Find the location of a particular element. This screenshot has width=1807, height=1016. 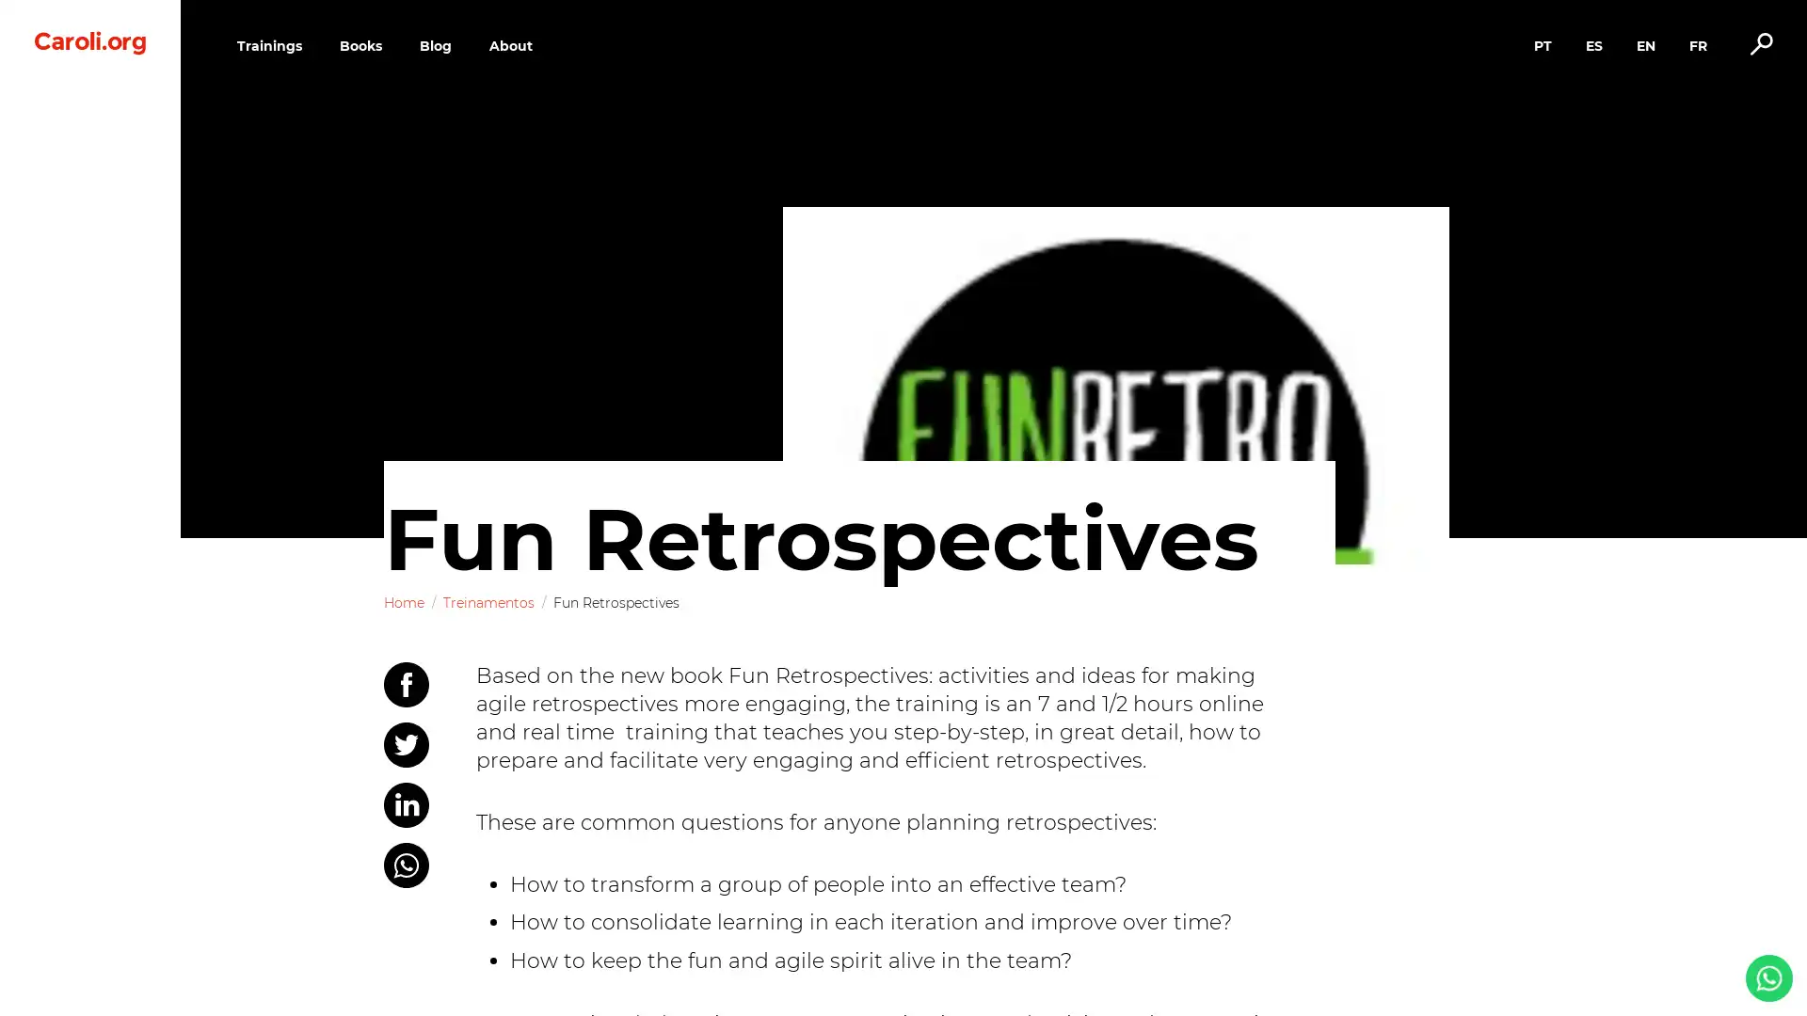

Alternar busca is located at coordinates (1757, 42).